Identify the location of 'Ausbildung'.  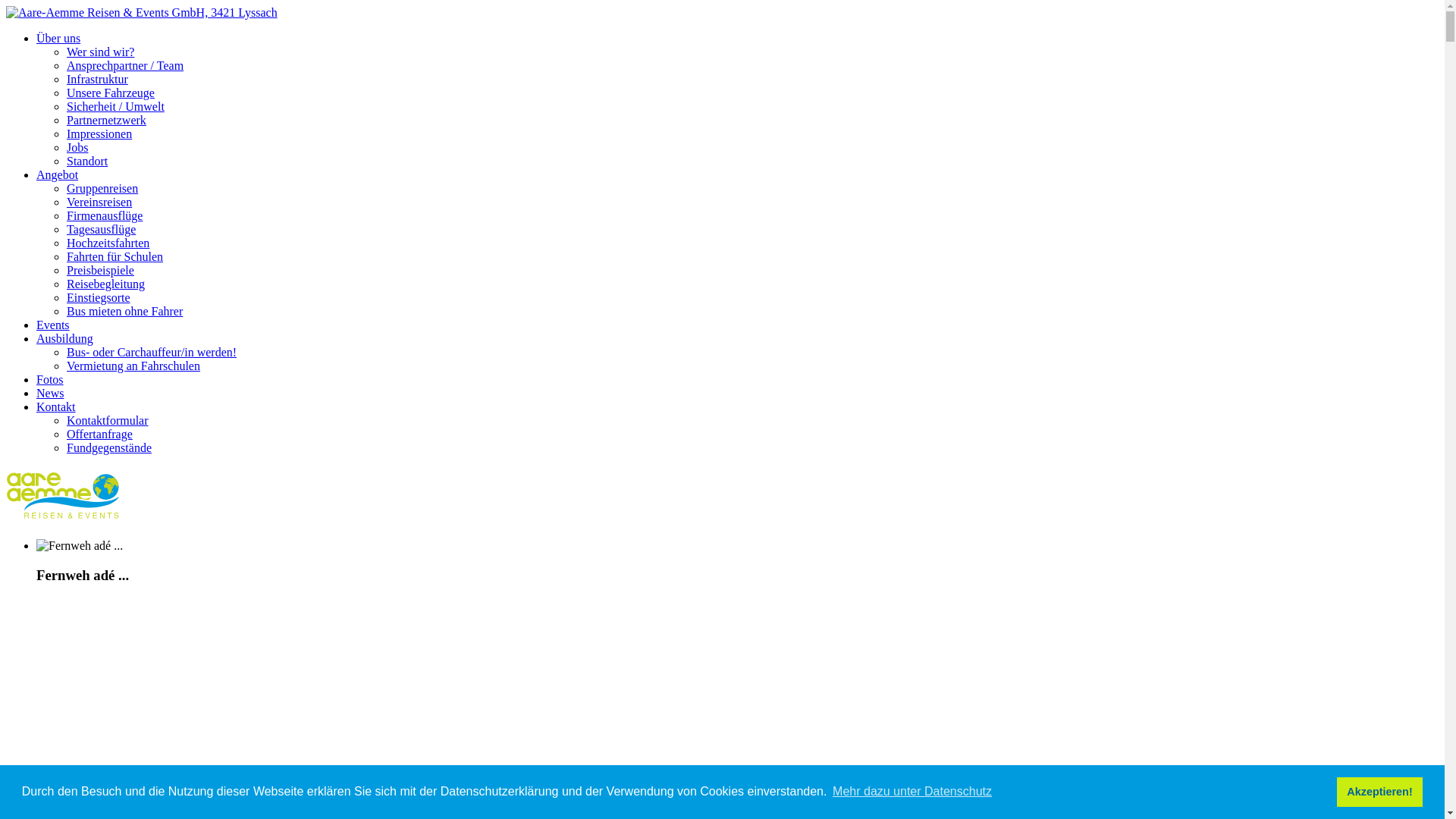
(64, 337).